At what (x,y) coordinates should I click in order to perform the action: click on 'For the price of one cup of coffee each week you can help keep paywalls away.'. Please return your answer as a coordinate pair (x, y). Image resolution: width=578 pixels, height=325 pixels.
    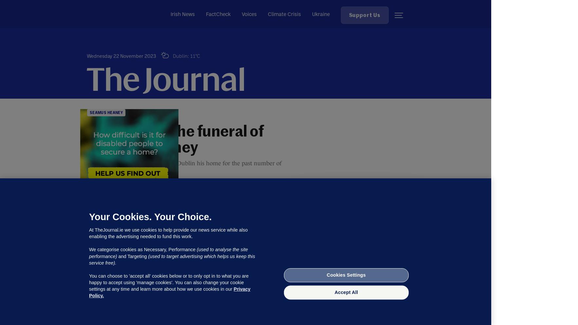
    Looking at the image, I should click on (354, 284).